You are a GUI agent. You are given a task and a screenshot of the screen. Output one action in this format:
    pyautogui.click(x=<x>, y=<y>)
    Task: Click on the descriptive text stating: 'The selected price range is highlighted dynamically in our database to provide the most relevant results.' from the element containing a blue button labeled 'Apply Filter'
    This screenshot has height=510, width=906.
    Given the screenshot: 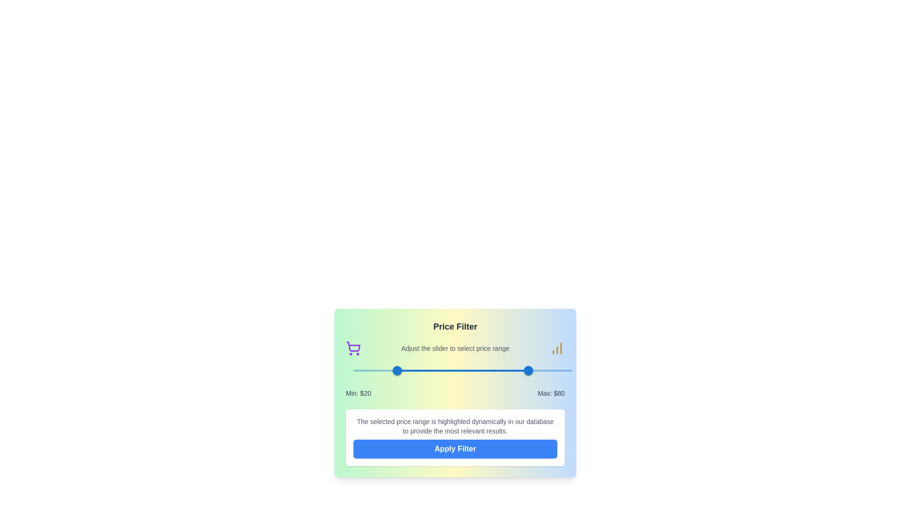 What is the action you would take?
    pyautogui.click(x=455, y=437)
    